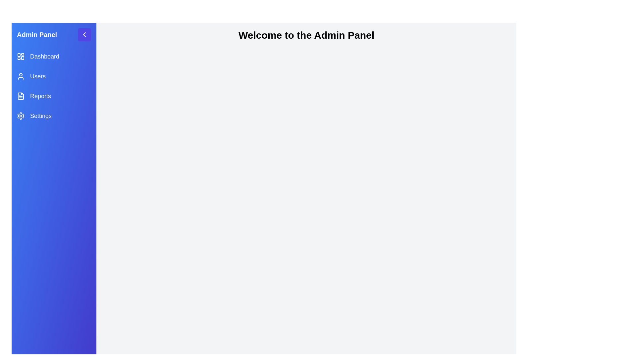 The image size is (636, 357). I want to click on the navigation button located in the top-right corner of the 'Admin Panel' section header to trigger a visual state change, so click(84, 34).